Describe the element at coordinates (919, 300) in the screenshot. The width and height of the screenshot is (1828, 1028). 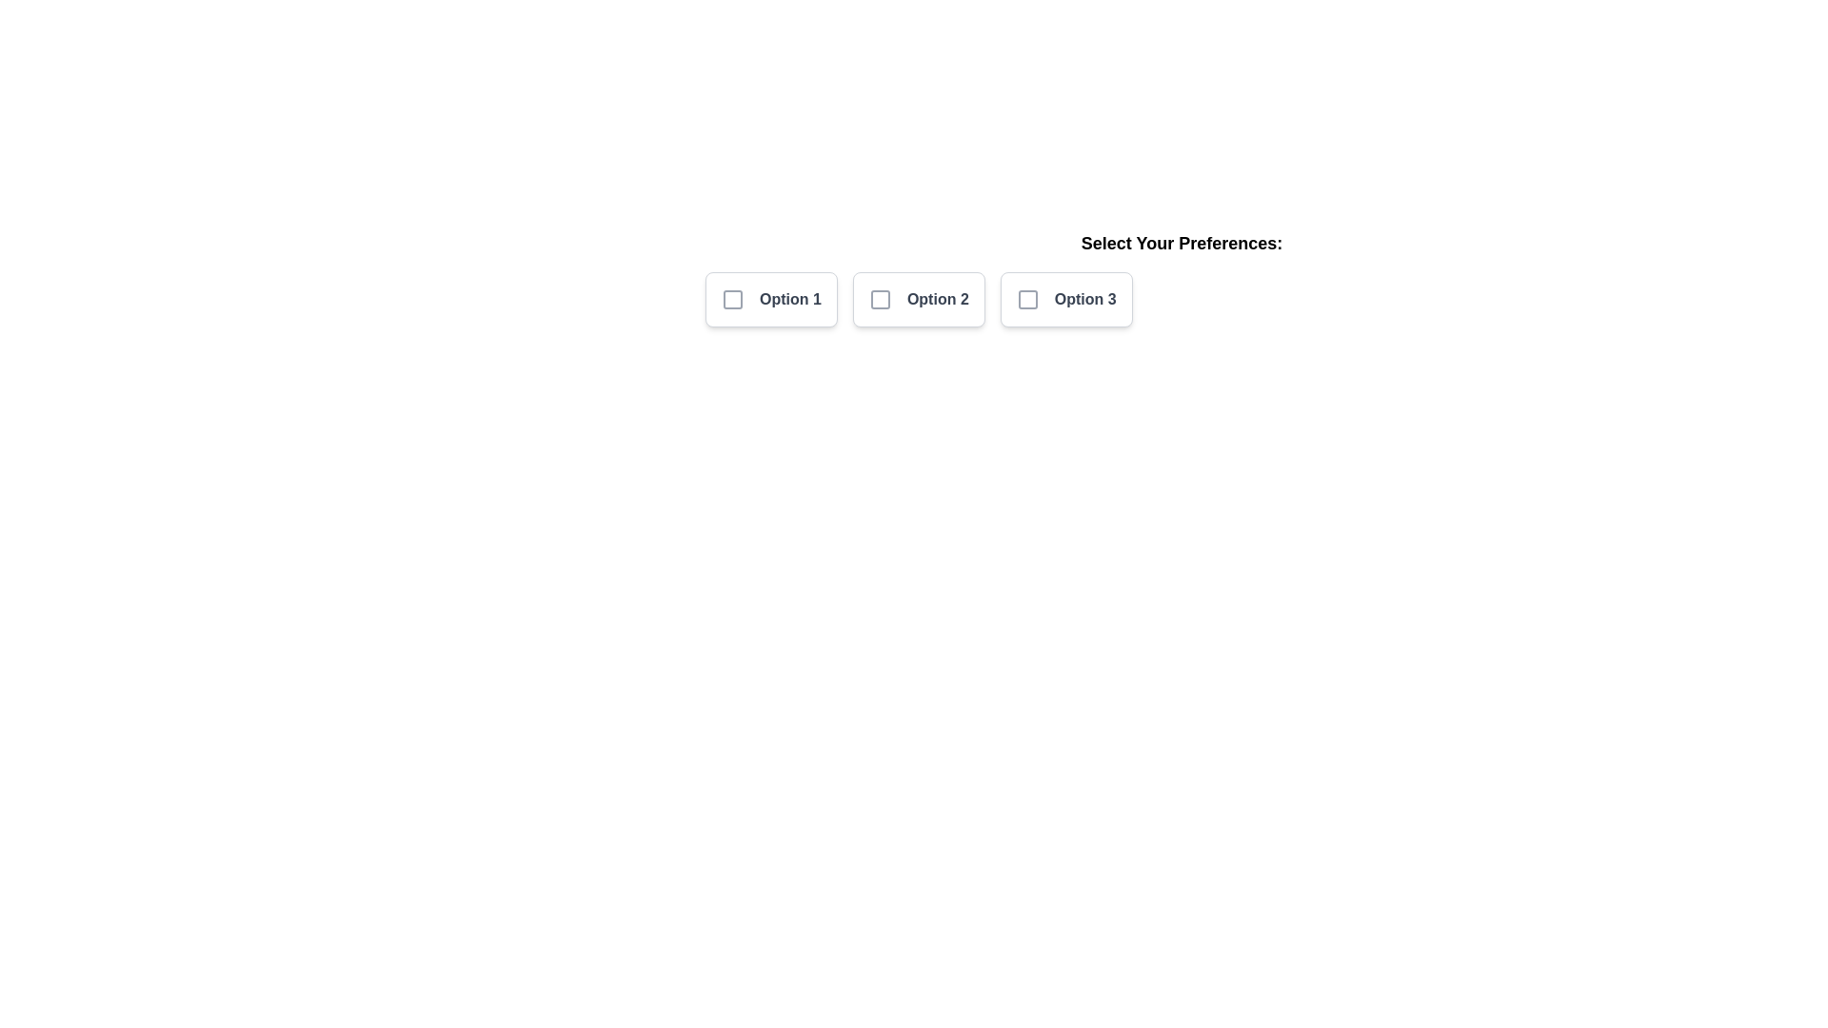
I see `the Checkbox labeled 'Option 2'` at that location.